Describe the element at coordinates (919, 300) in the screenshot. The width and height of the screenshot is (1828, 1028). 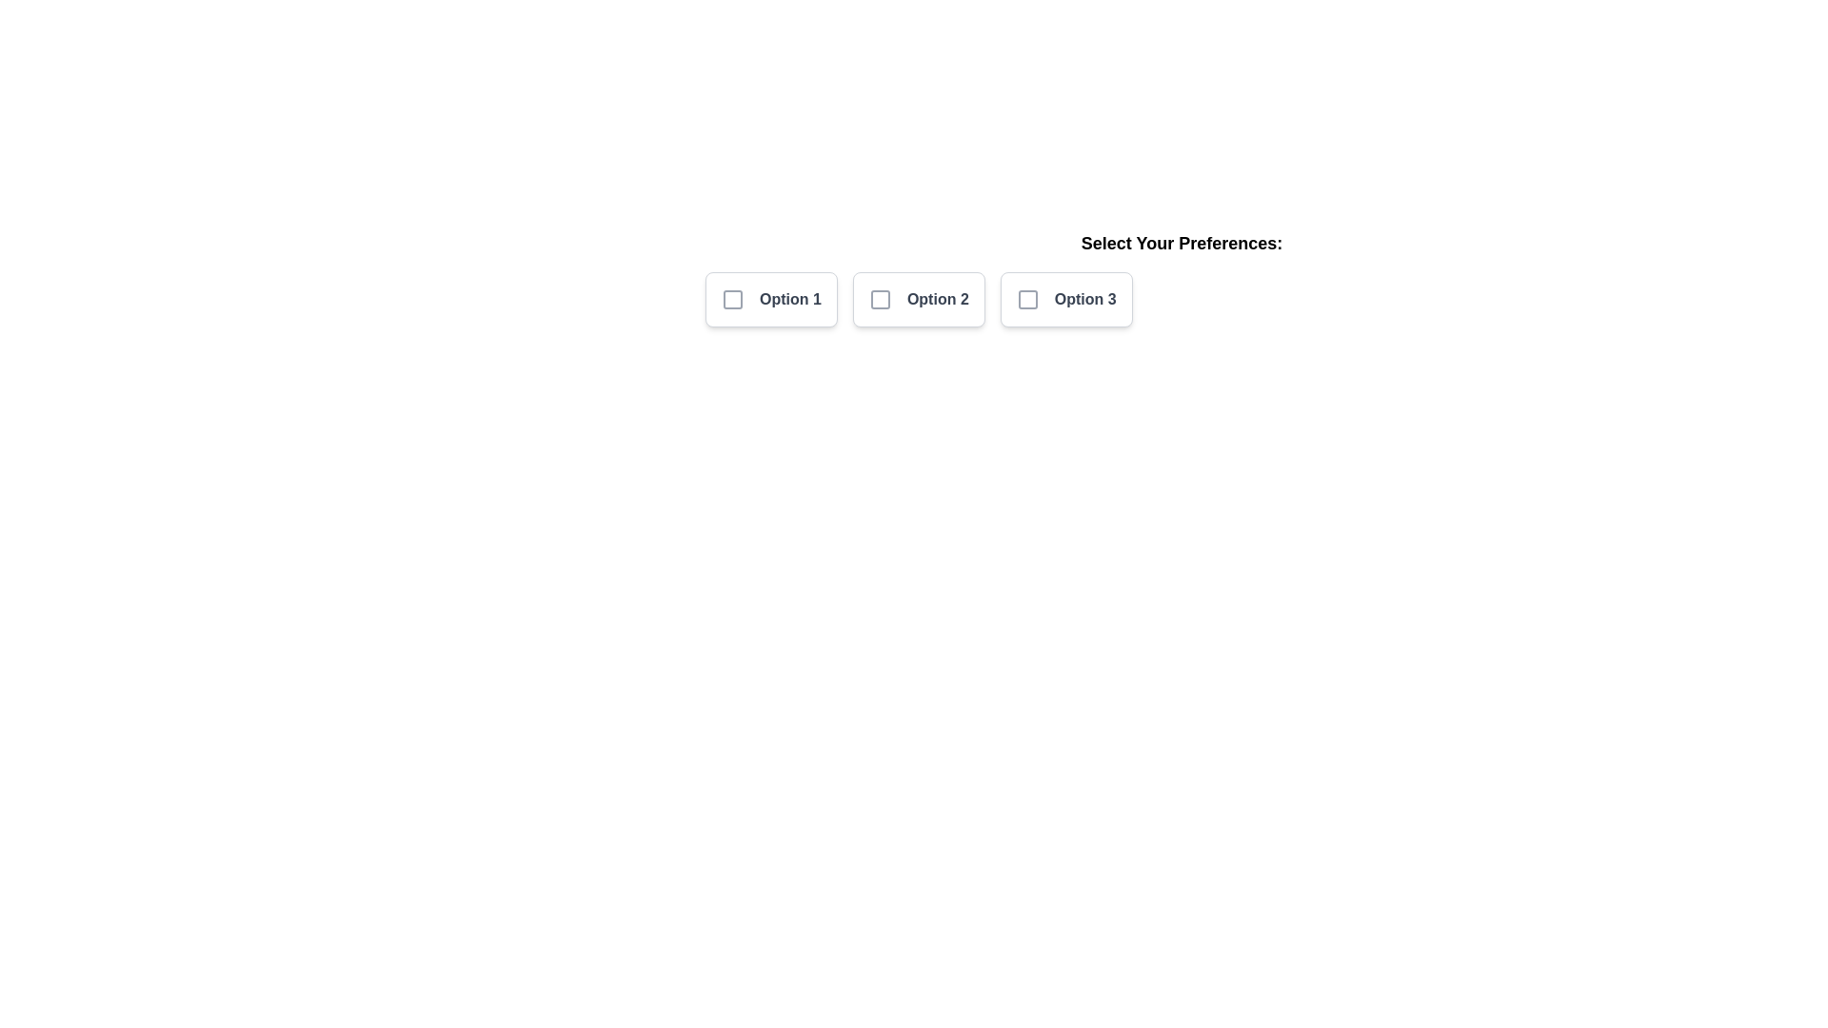
I see `the Checkbox labeled 'Option 2'` at that location.